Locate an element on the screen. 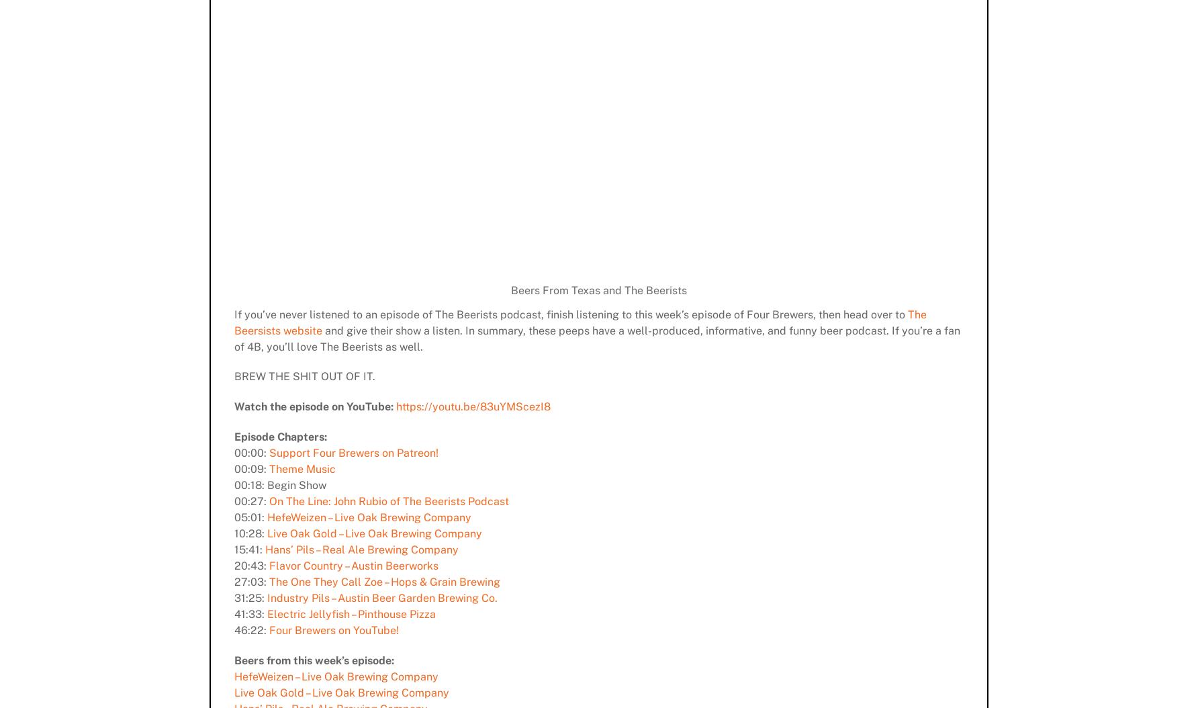  'The Full Pint - Craft Beer News' is located at coordinates (592, 651).